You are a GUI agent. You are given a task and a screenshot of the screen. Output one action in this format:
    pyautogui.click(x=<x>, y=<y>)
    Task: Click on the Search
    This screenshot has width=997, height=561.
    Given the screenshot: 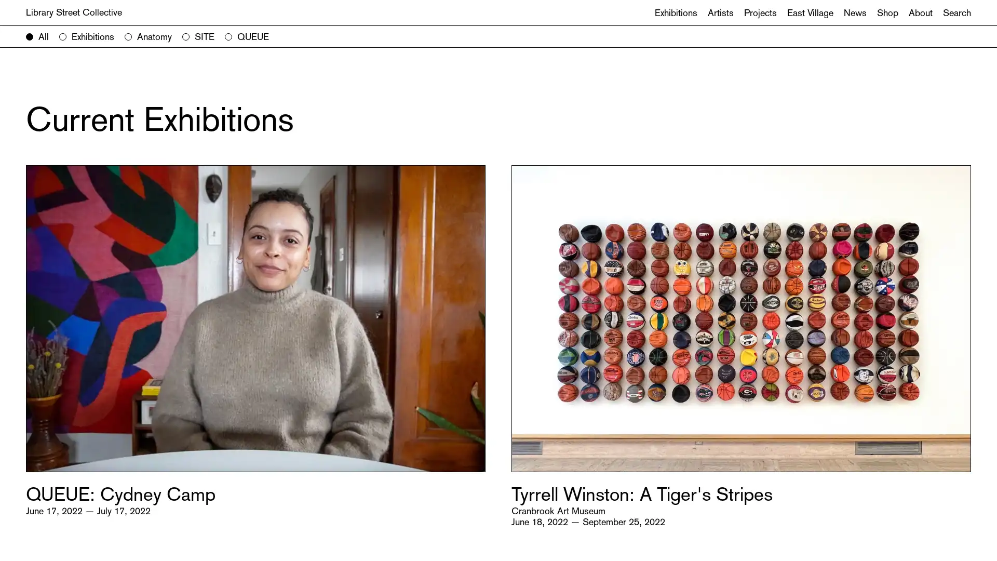 What is the action you would take?
    pyautogui.click(x=956, y=12)
    